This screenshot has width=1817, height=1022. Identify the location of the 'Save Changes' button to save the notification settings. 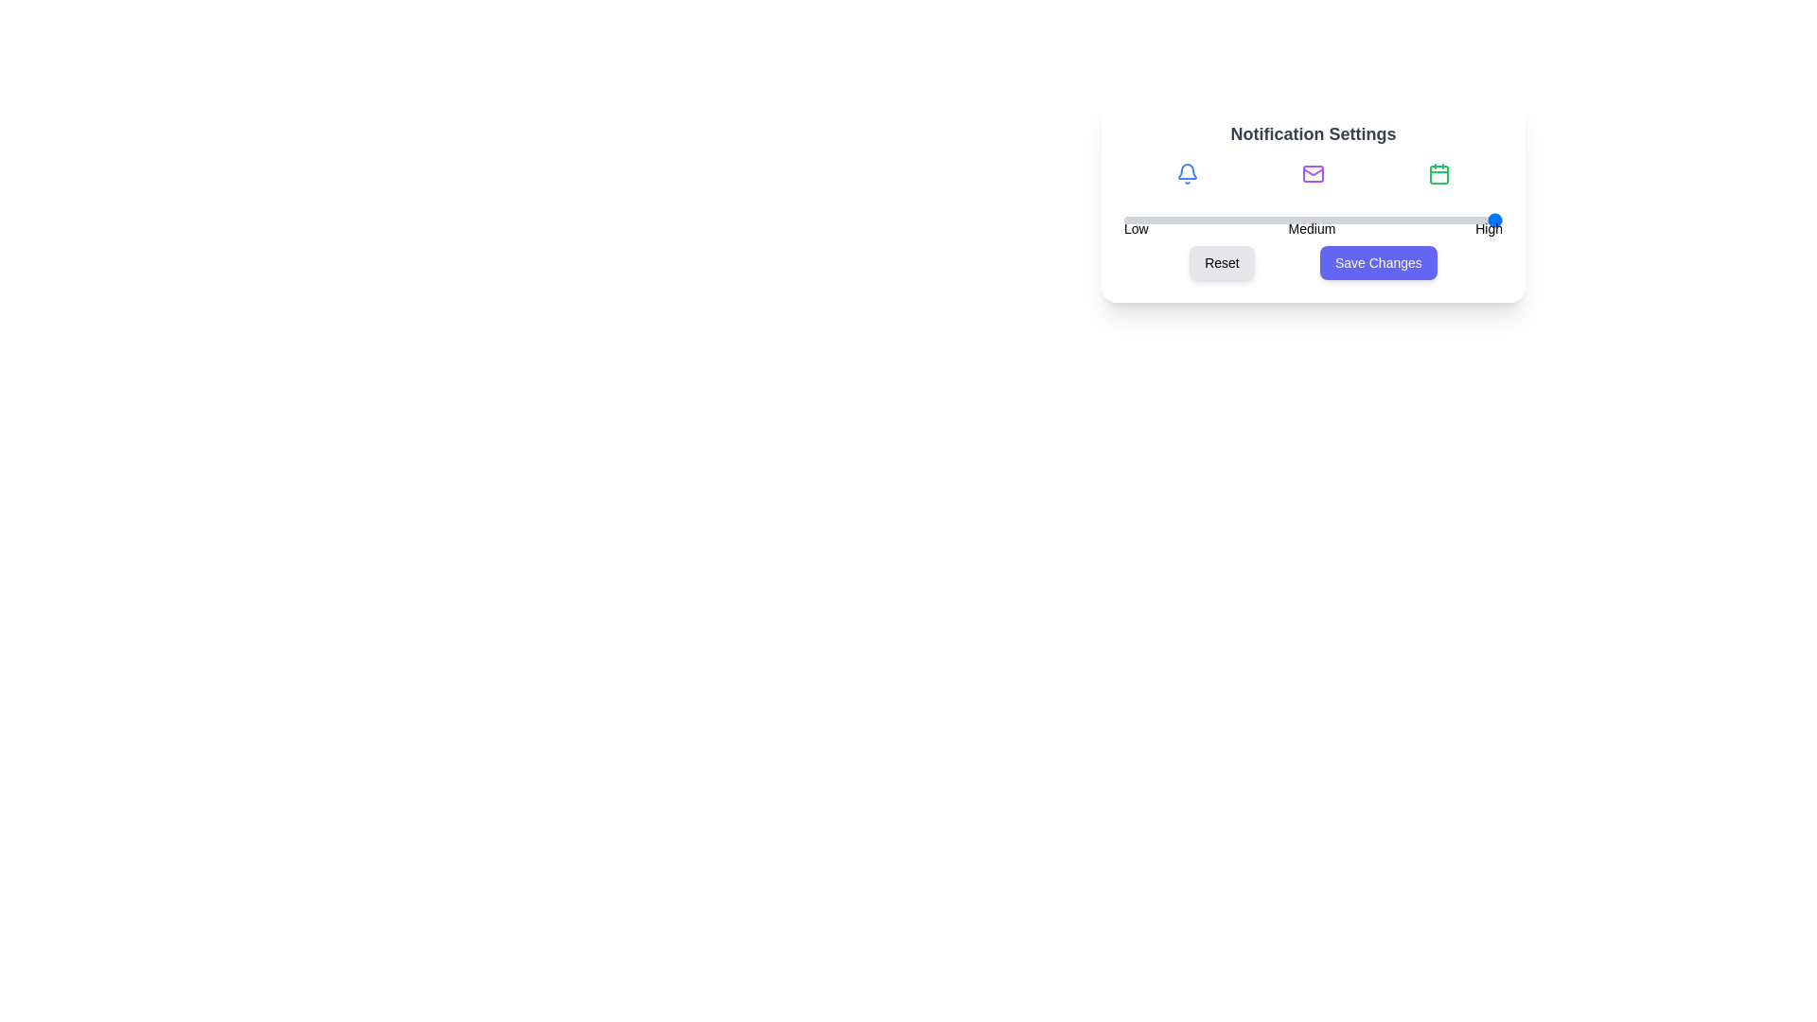
(1378, 262).